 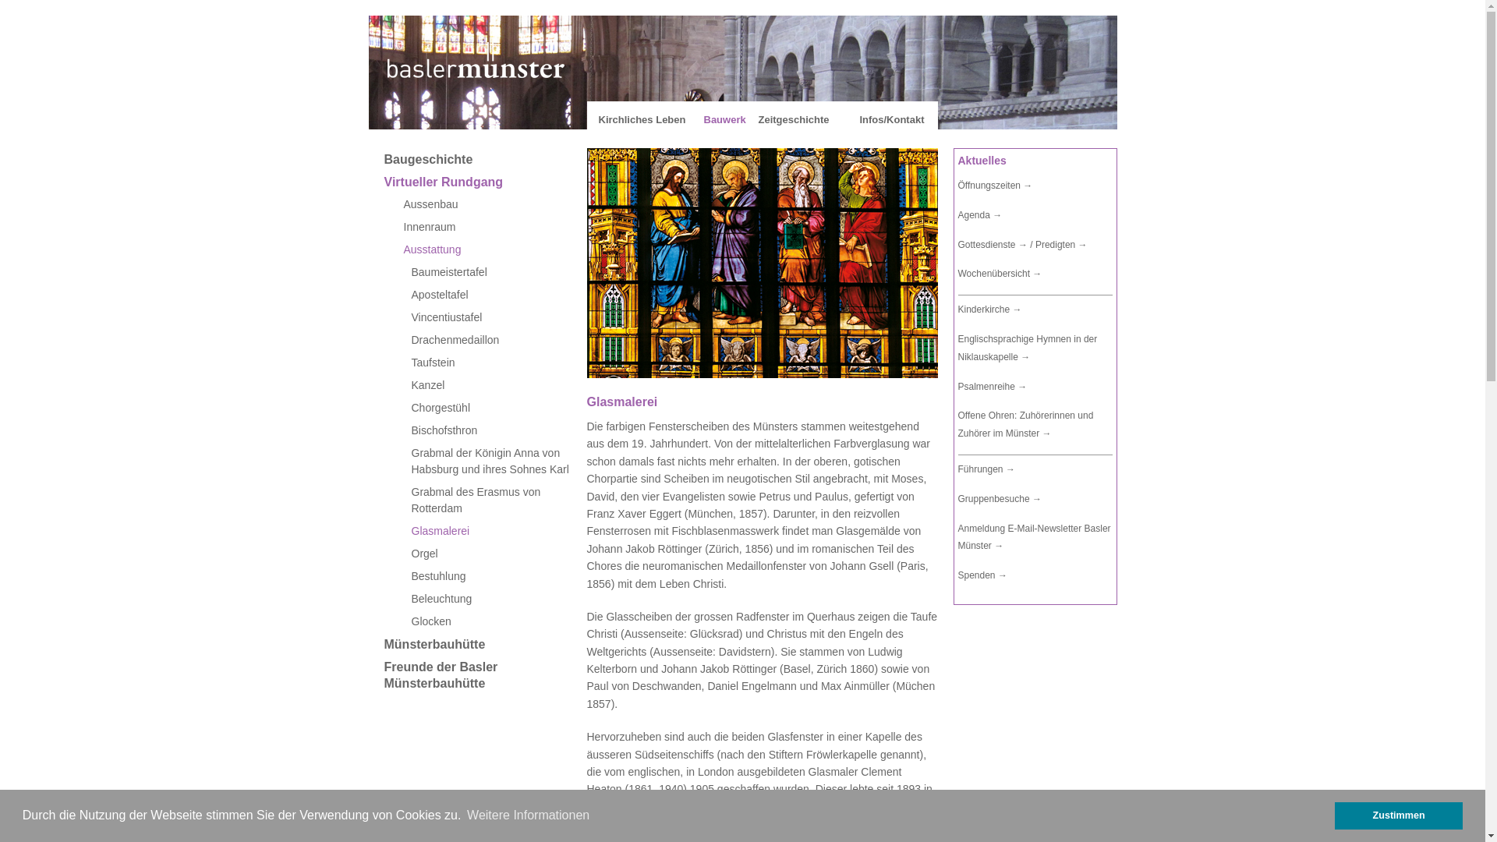 What do you see at coordinates (891, 119) in the screenshot?
I see `'Infos/Kontakt'` at bounding box center [891, 119].